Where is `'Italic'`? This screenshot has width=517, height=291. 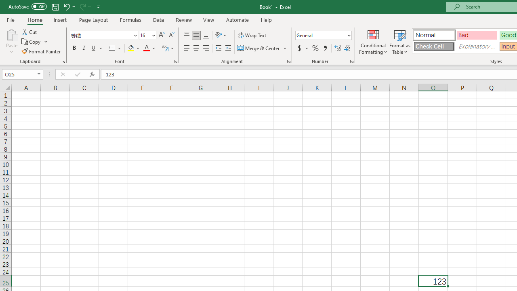
'Italic' is located at coordinates (84, 48).